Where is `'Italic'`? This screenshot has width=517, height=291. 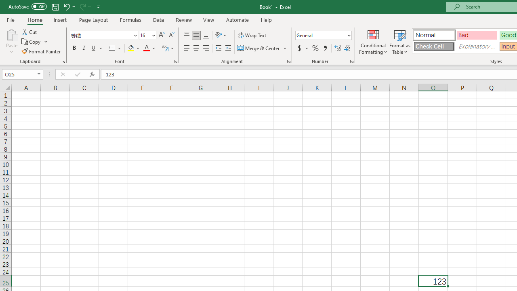
'Italic' is located at coordinates (84, 48).